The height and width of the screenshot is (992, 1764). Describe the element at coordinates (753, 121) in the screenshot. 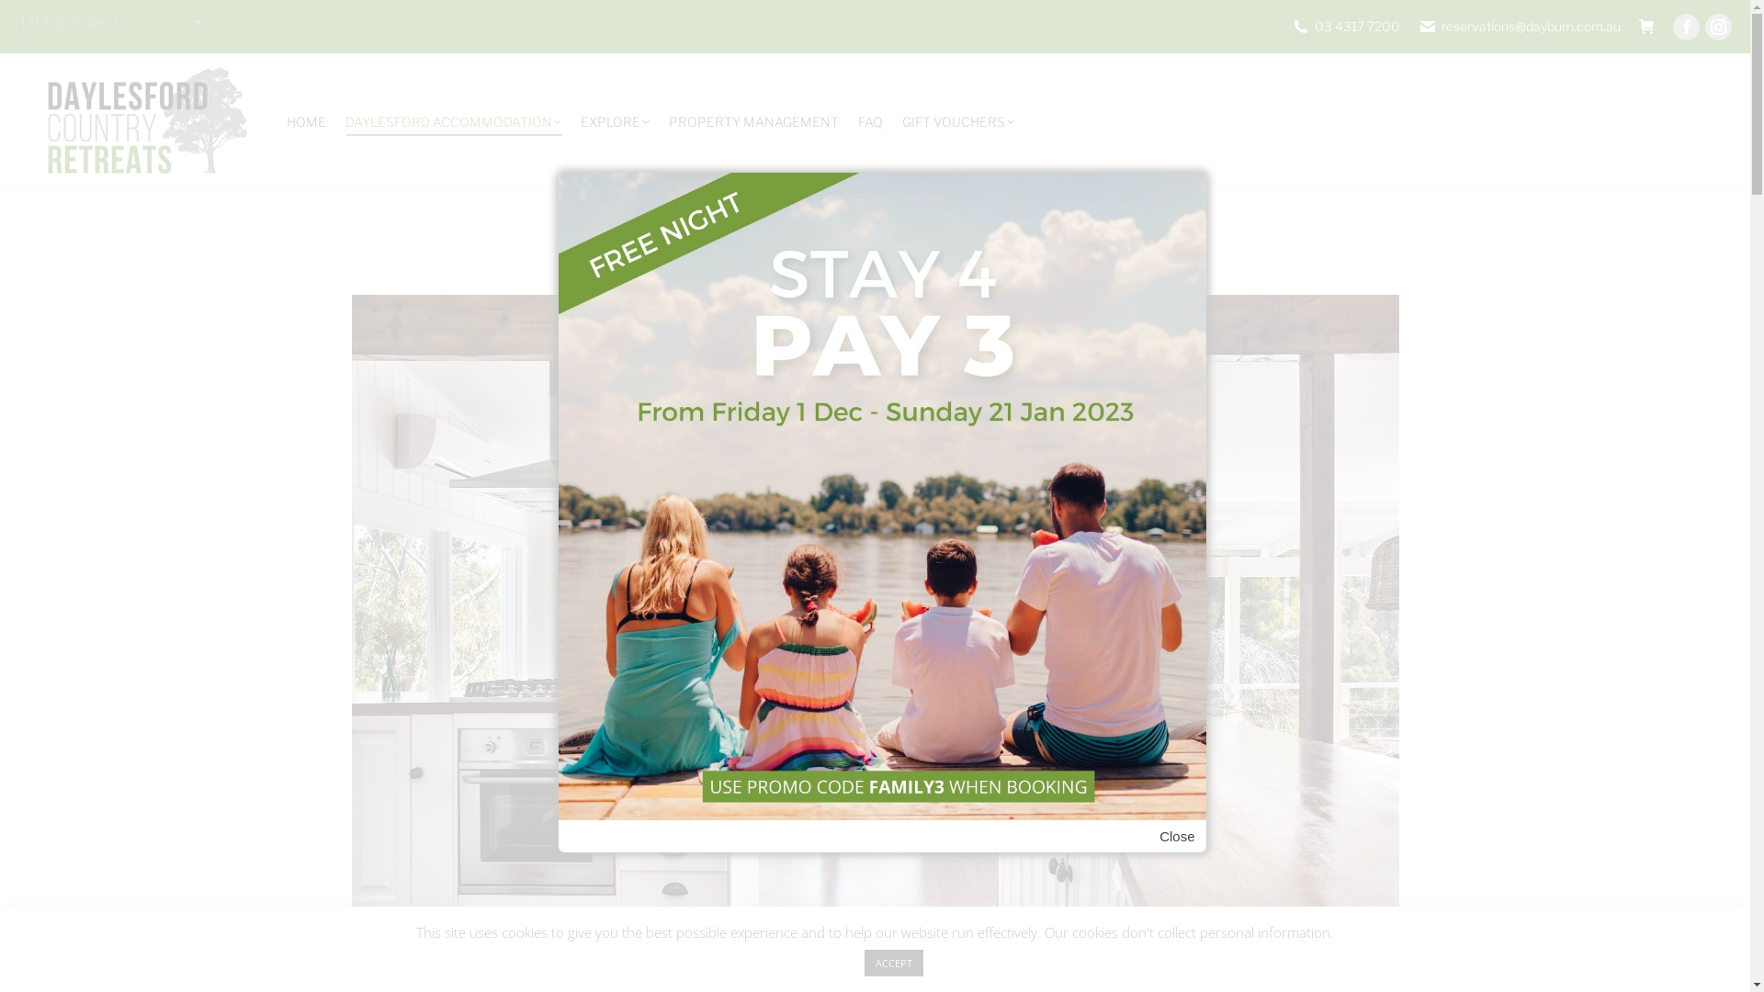

I see `'PROPERTY MANAGEMENT'` at that location.